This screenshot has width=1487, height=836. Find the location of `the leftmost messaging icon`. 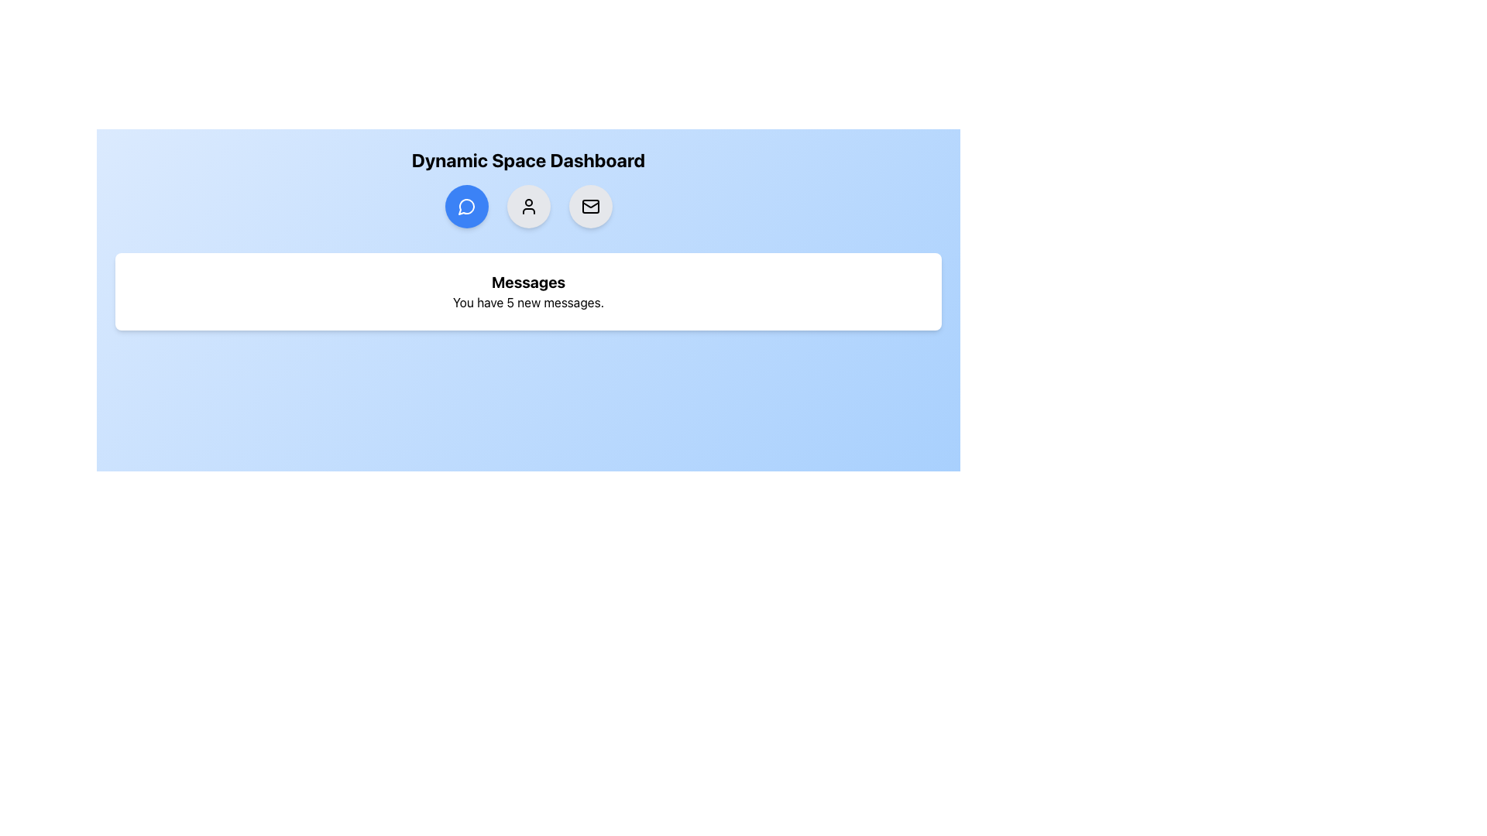

the leftmost messaging icon is located at coordinates (465, 205).